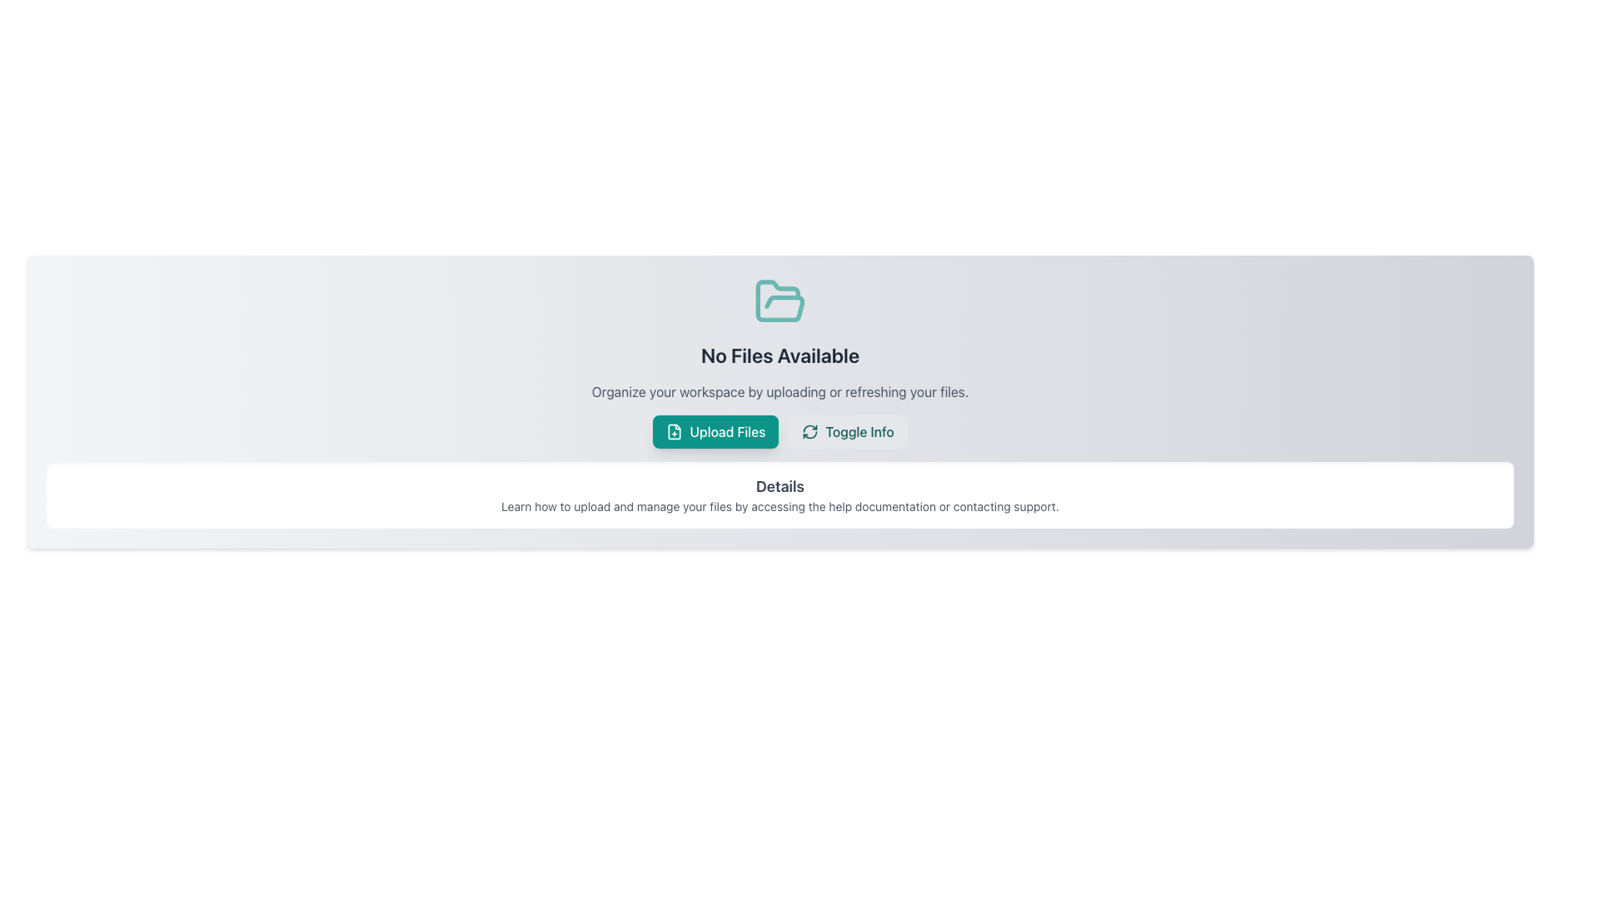 This screenshot has height=899, width=1599. Describe the element at coordinates (715, 431) in the screenshot. I see `the leftmost button designed to trigger file upload actions for accessibility navigation` at that location.